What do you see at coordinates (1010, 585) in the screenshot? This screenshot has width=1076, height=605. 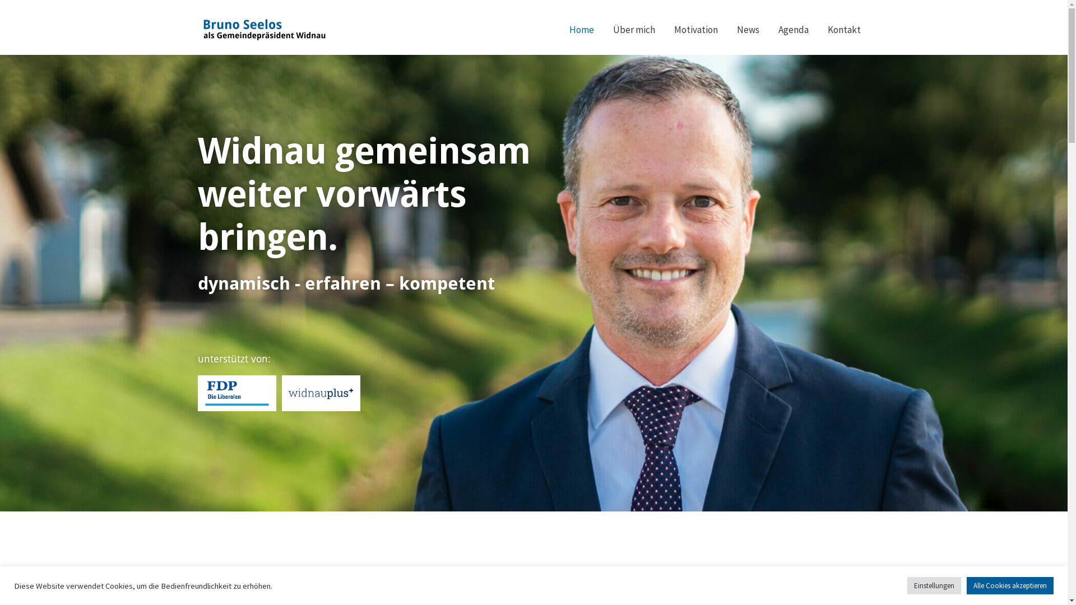 I see `'Alle Cookies akzeptieren'` at bounding box center [1010, 585].